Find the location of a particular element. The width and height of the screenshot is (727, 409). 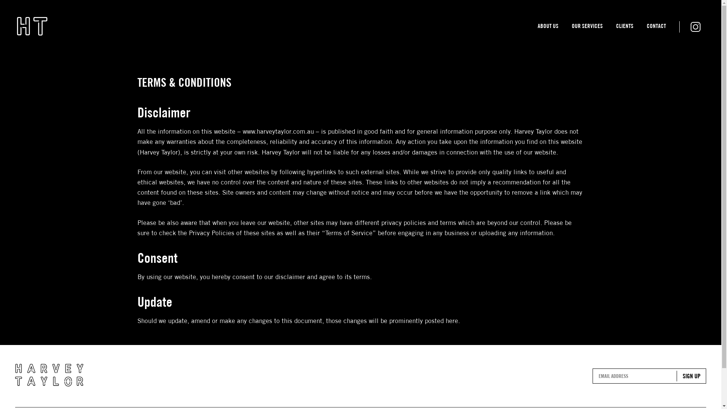

'CLIENTS' is located at coordinates (625, 27).